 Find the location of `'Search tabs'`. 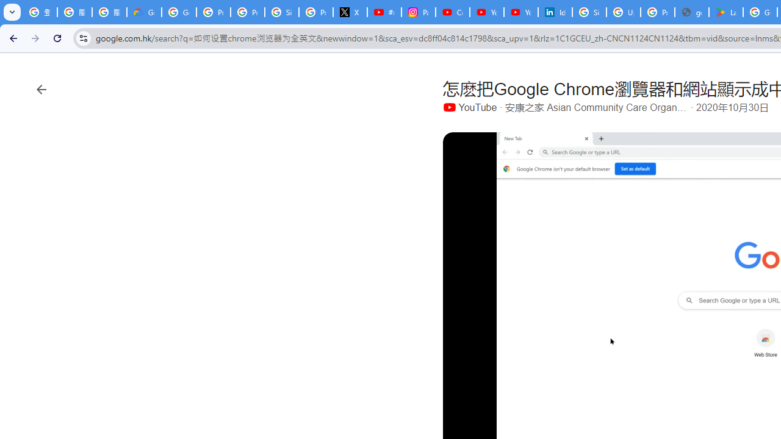

'Search tabs' is located at coordinates (12, 12).